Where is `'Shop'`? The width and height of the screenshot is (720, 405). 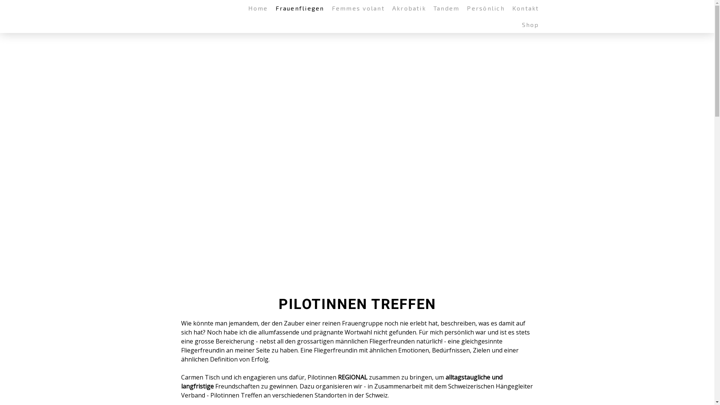 'Shop' is located at coordinates (530, 24).